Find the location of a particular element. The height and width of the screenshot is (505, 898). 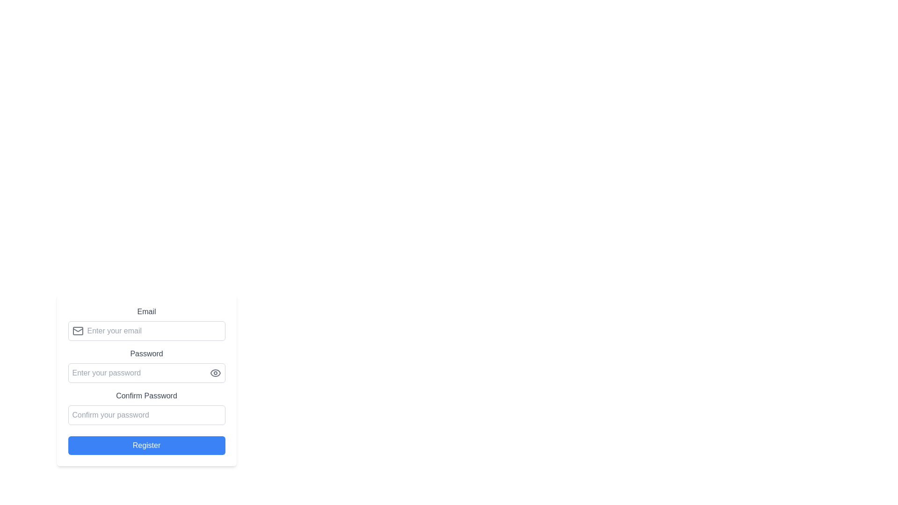

the outer contour of the eye-shaped icon used for toggling password visibility located to the right of the password input field is located at coordinates (215, 373).